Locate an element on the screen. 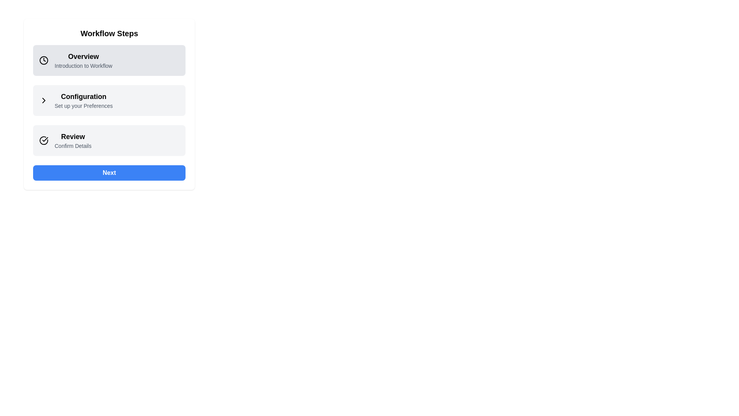 The height and width of the screenshot is (416, 739). the 'Overview' step button in the 'Workflow Steps' section, which is the first of three vertically stacked buttons is located at coordinates (109, 60).